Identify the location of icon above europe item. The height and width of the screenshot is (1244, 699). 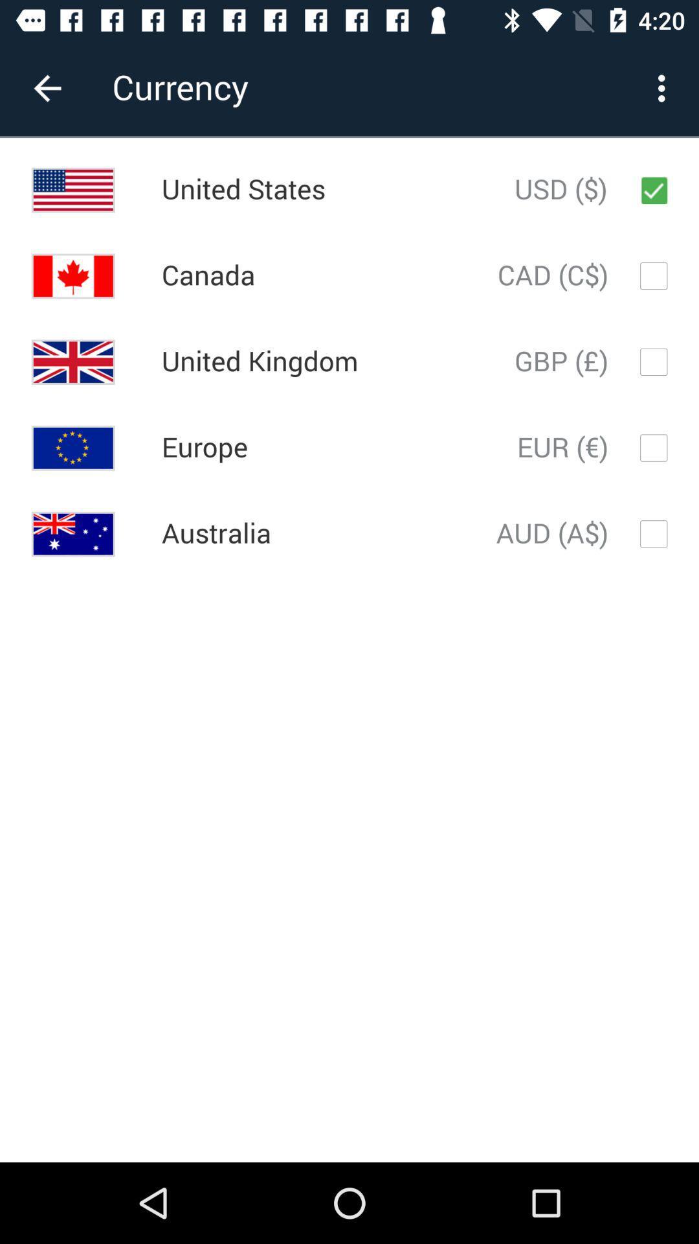
(260, 362).